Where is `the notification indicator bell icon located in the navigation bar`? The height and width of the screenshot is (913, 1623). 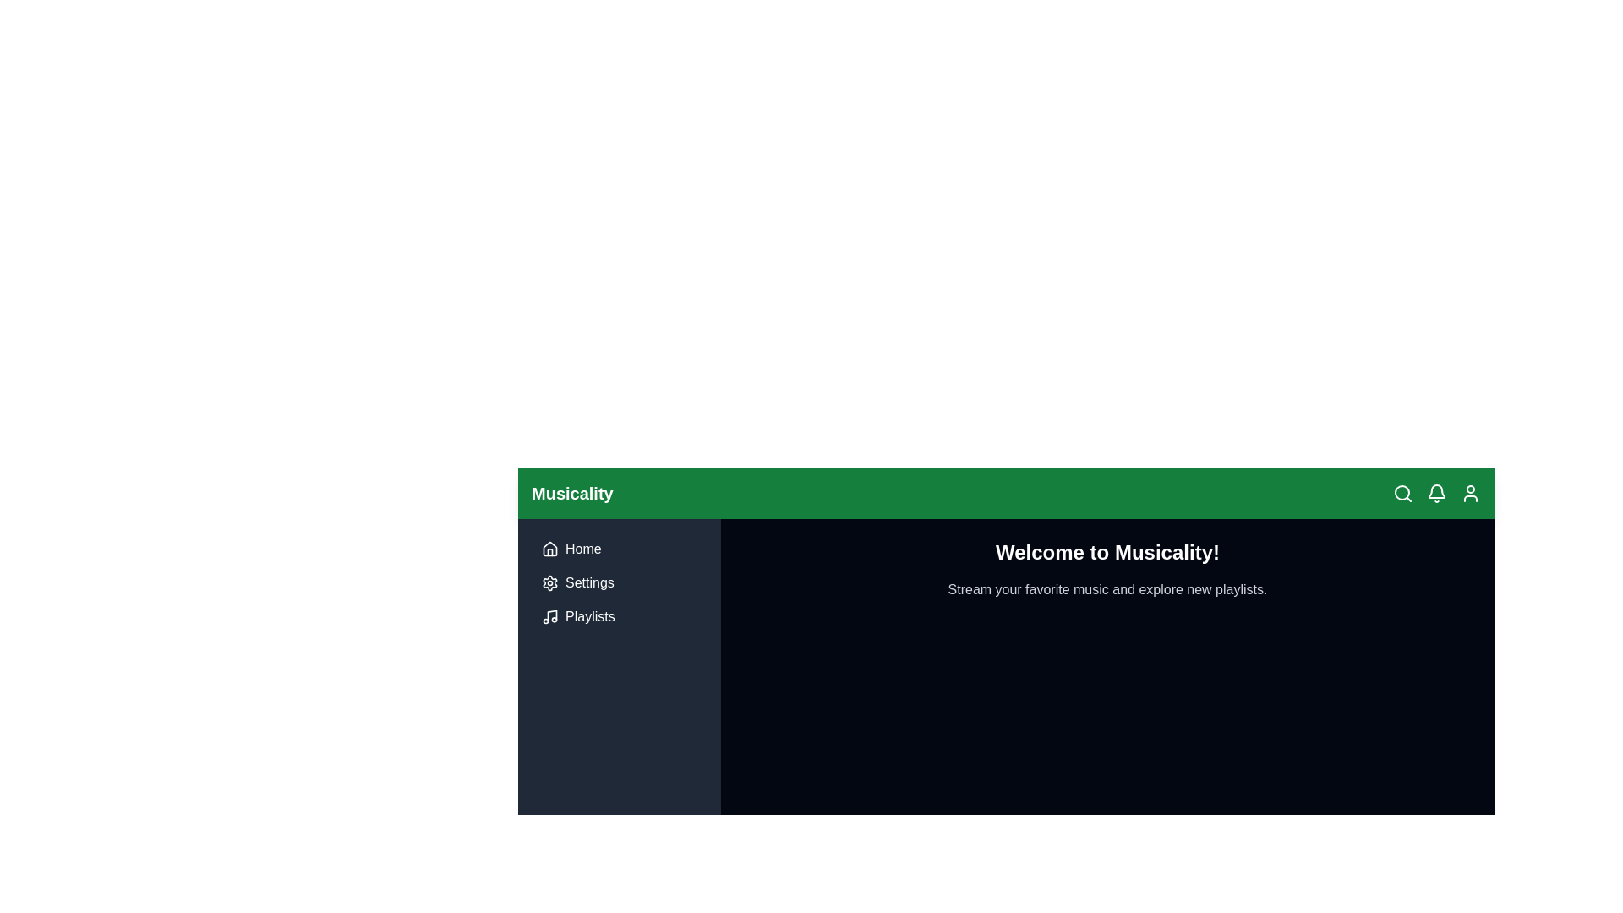 the notification indicator bell icon located in the navigation bar is located at coordinates (1435, 493).